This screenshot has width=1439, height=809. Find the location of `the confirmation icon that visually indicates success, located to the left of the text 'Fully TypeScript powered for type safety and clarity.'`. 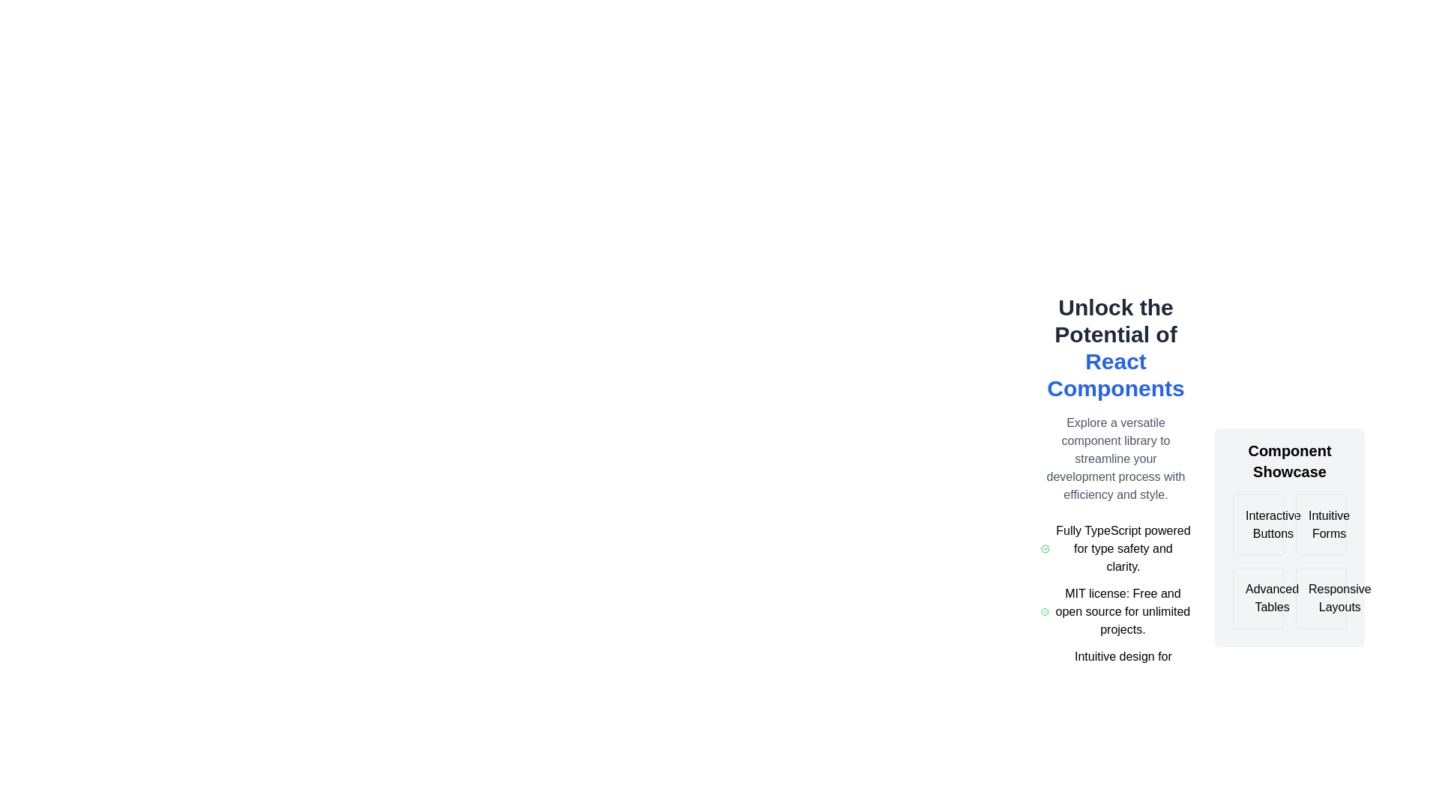

the confirmation icon that visually indicates success, located to the left of the text 'Fully TypeScript powered for type safety and clarity.' is located at coordinates (1044, 548).